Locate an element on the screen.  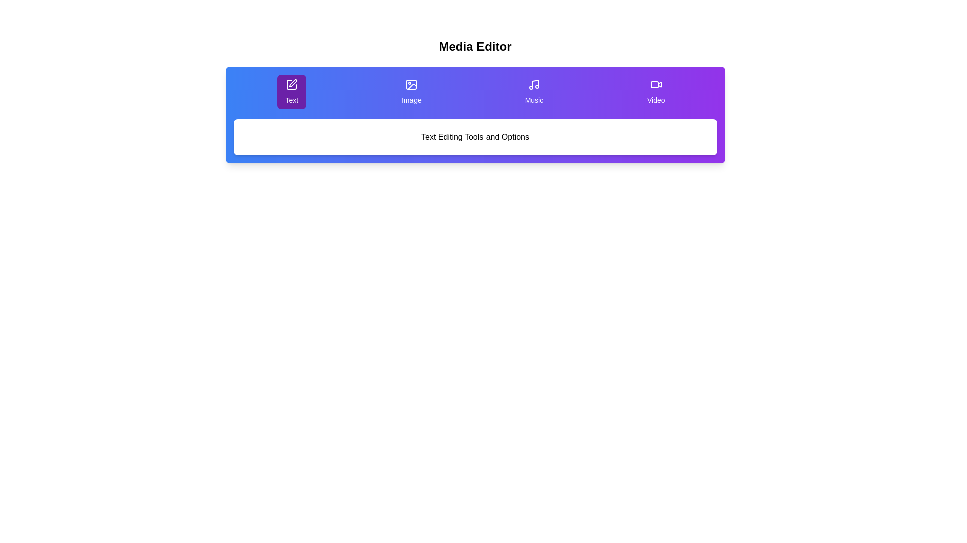
the text editing feature icon, which is a minimalist line-art square with a pen on a purple background, located in the upper-left corner of the main toolbar within the 'Text' tile is located at coordinates (291, 84).